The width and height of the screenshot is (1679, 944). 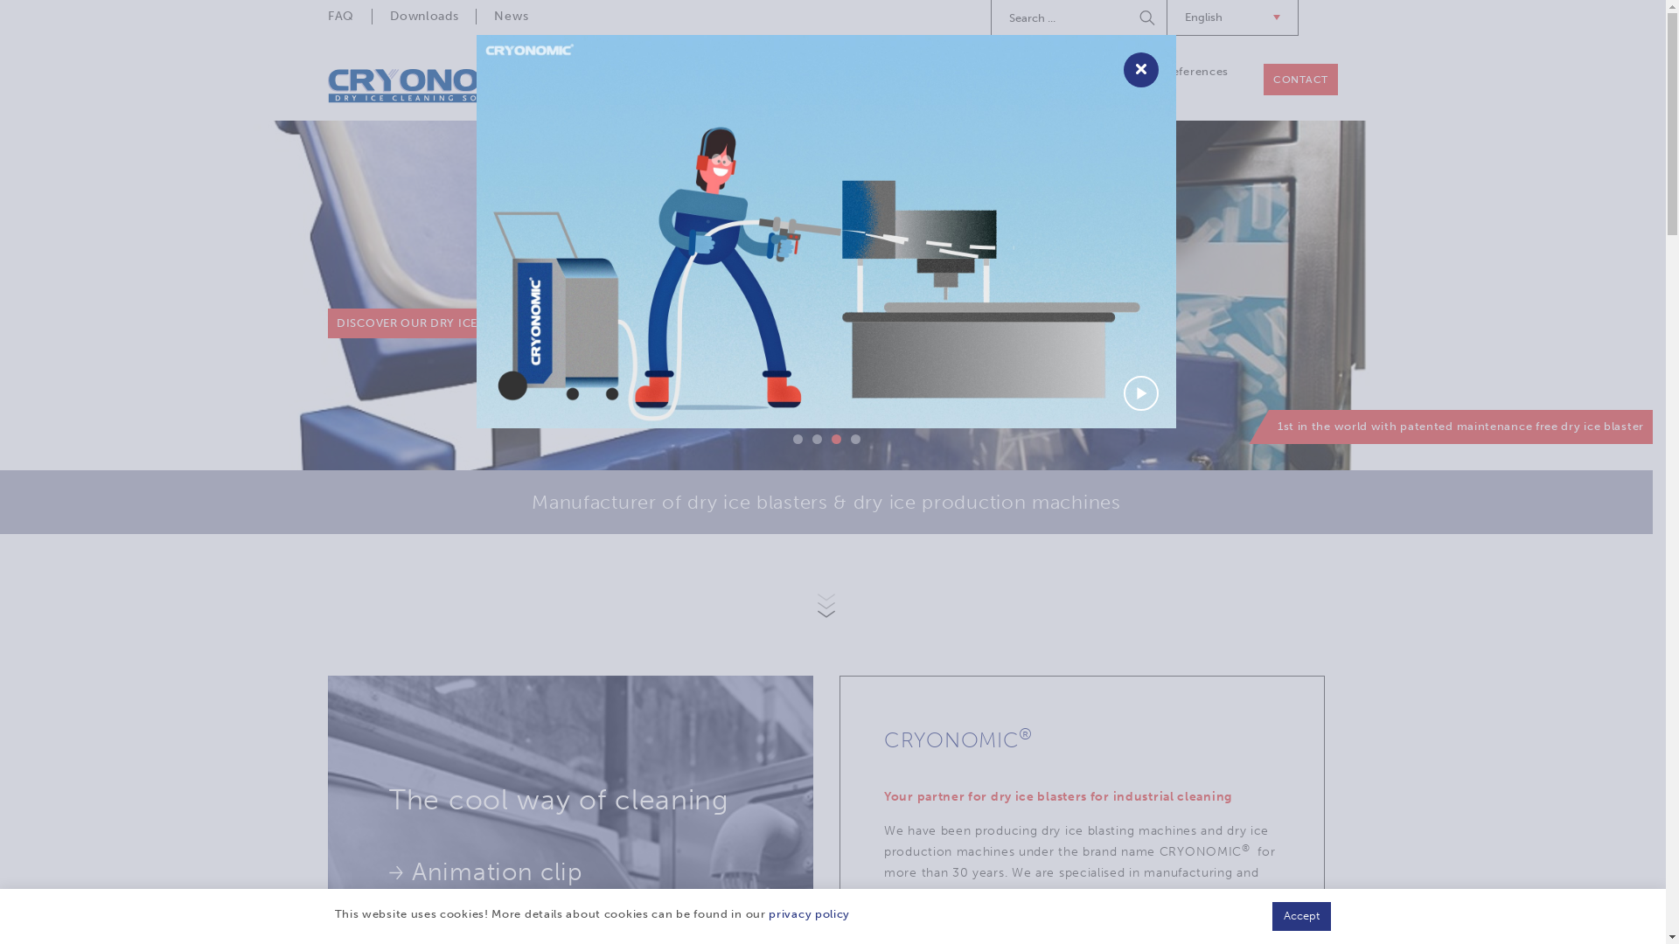 I want to click on 'CONTACT', so click(x=1300, y=80).